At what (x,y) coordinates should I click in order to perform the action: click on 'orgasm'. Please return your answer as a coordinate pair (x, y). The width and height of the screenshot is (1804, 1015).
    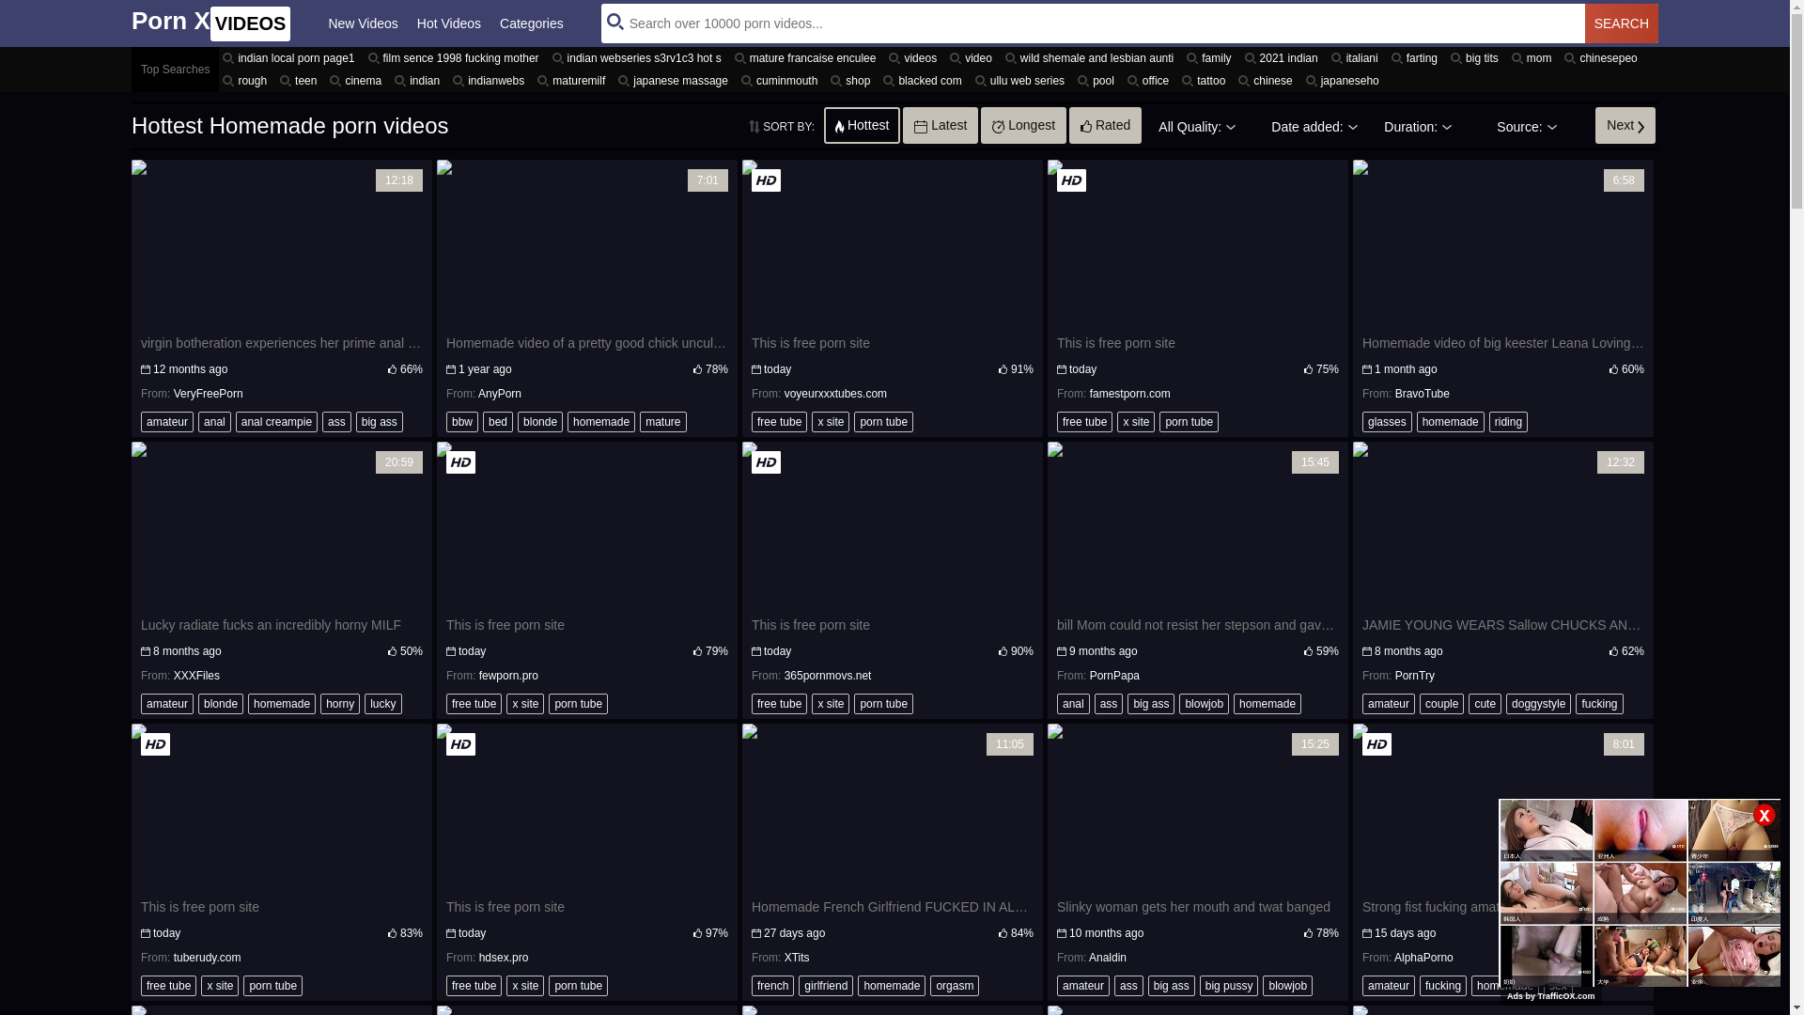
    Looking at the image, I should click on (955, 985).